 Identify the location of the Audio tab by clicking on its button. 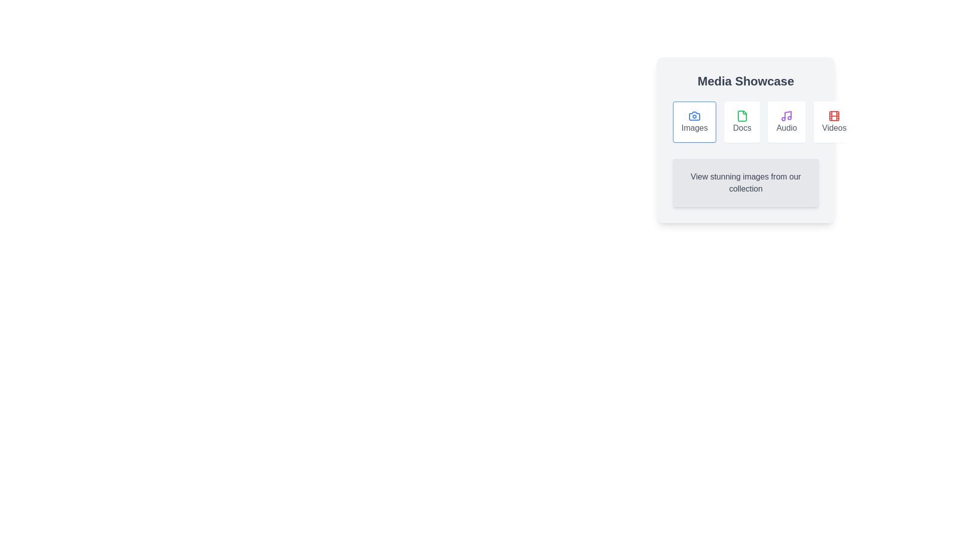
(786, 122).